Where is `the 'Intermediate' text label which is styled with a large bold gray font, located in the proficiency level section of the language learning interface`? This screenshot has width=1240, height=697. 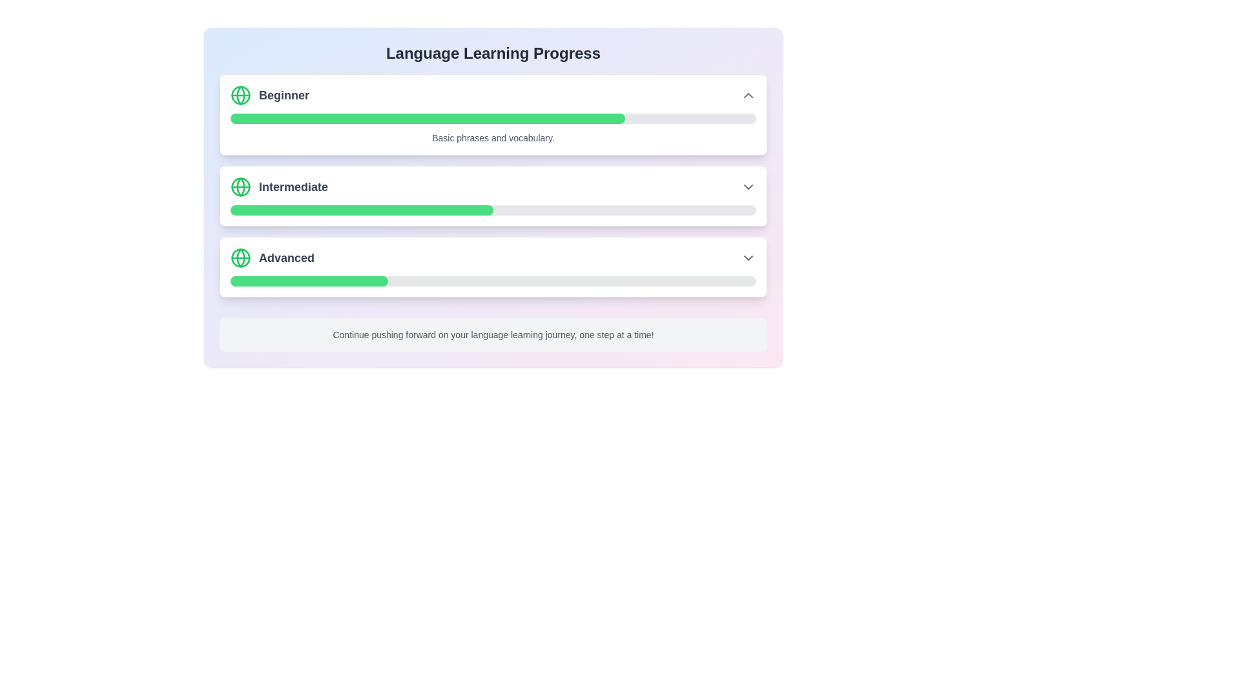 the 'Intermediate' text label which is styled with a large bold gray font, located in the proficiency level section of the language learning interface is located at coordinates (293, 187).